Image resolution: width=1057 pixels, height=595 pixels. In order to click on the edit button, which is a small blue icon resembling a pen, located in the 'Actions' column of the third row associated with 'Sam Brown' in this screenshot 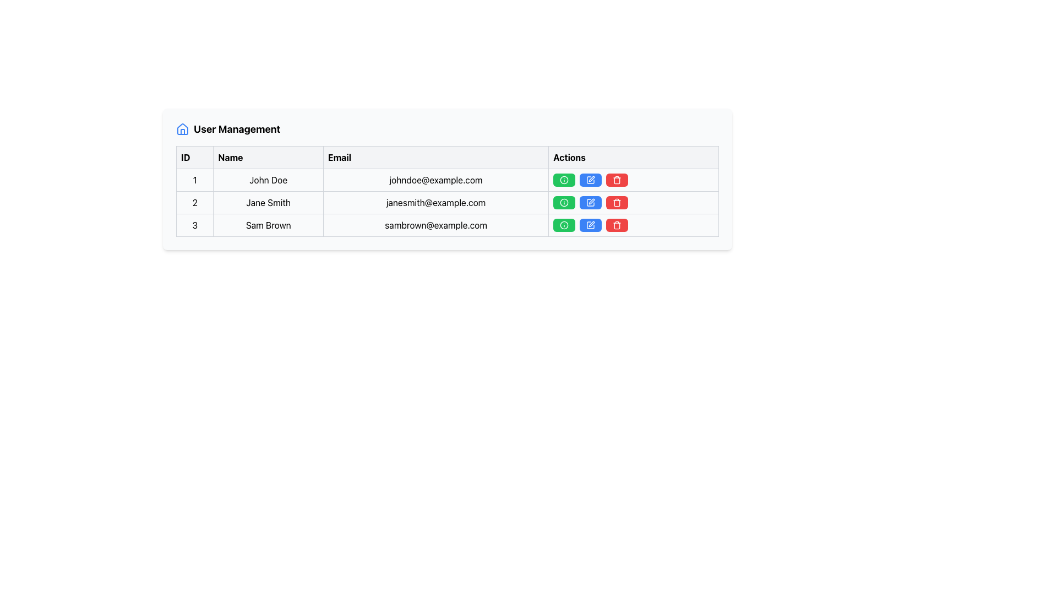, I will do `click(590, 224)`.